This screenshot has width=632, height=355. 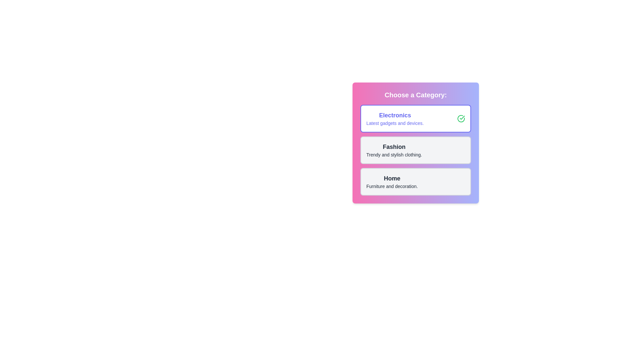 I want to click on the 'Home' category text block, which provides a description of 'Furniture and decoration.' This text block is the third option in a vertically stacked list of categories, positioned below 'Fashion', so click(x=392, y=181).